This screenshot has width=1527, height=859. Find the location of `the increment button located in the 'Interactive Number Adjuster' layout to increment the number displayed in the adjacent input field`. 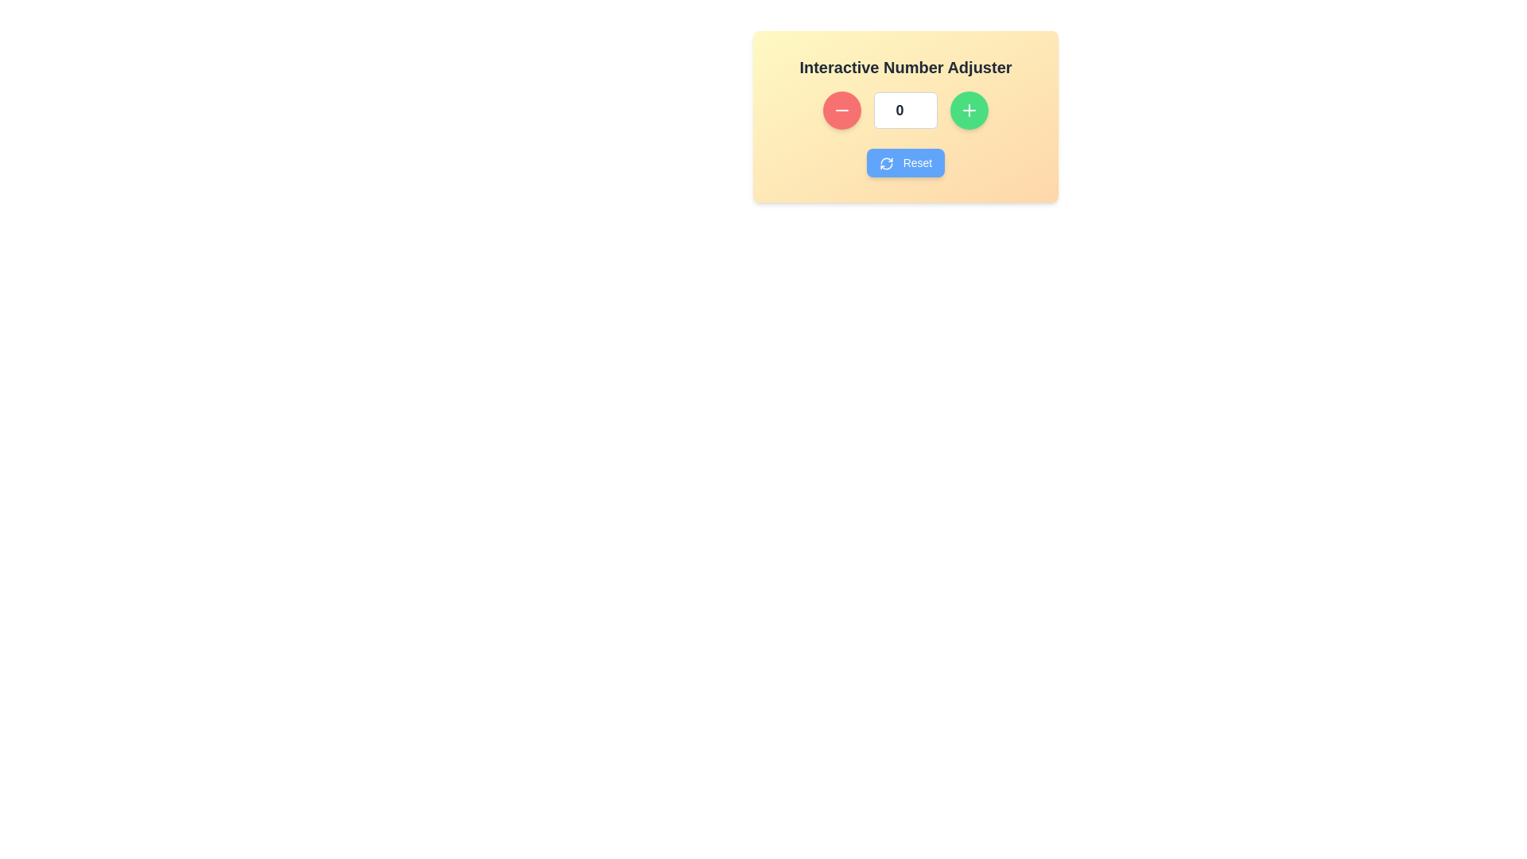

the increment button located in the 'Interactive Number Adjuster' layout to increment the number displayed in the adjacent input field is located at coordinates (969, 109).